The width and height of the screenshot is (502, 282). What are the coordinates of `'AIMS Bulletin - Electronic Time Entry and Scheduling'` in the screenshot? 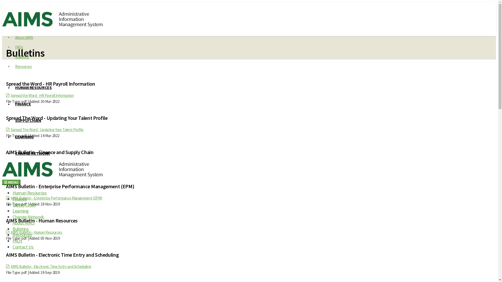 It's located at (51, 266).